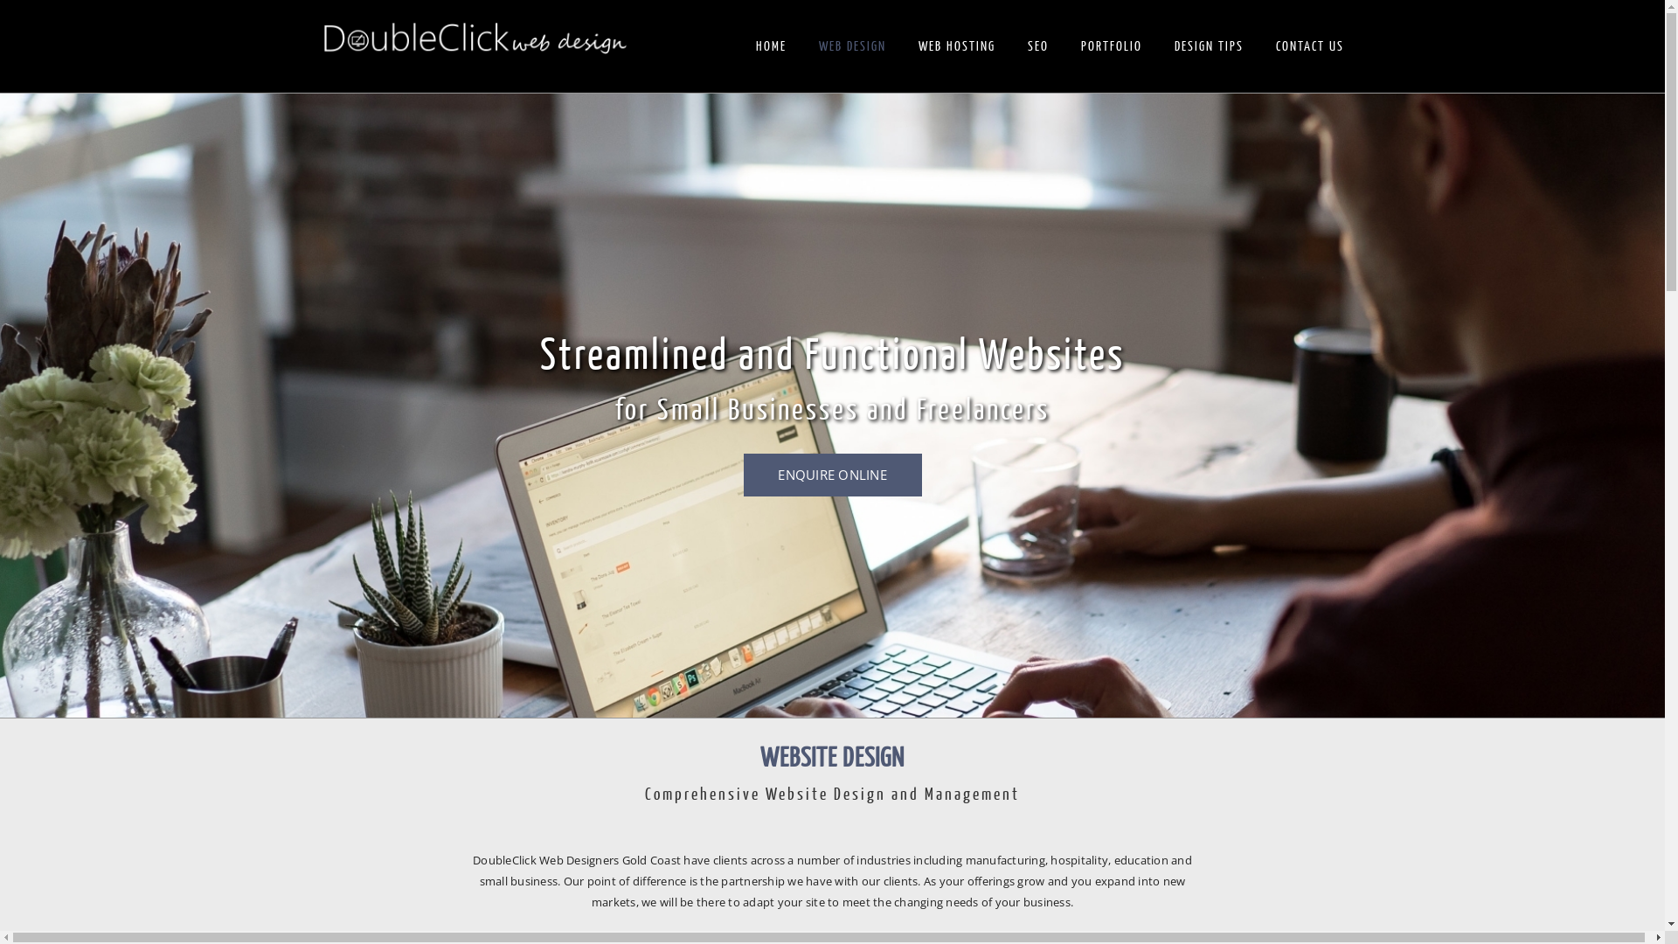 Image resolution: width=1678 pixels, height=944 pixels. What do you see at coordinates (1309, 46) in the screenshot?
I see `'CONTACT US'` at bounding box center [1309, 46].